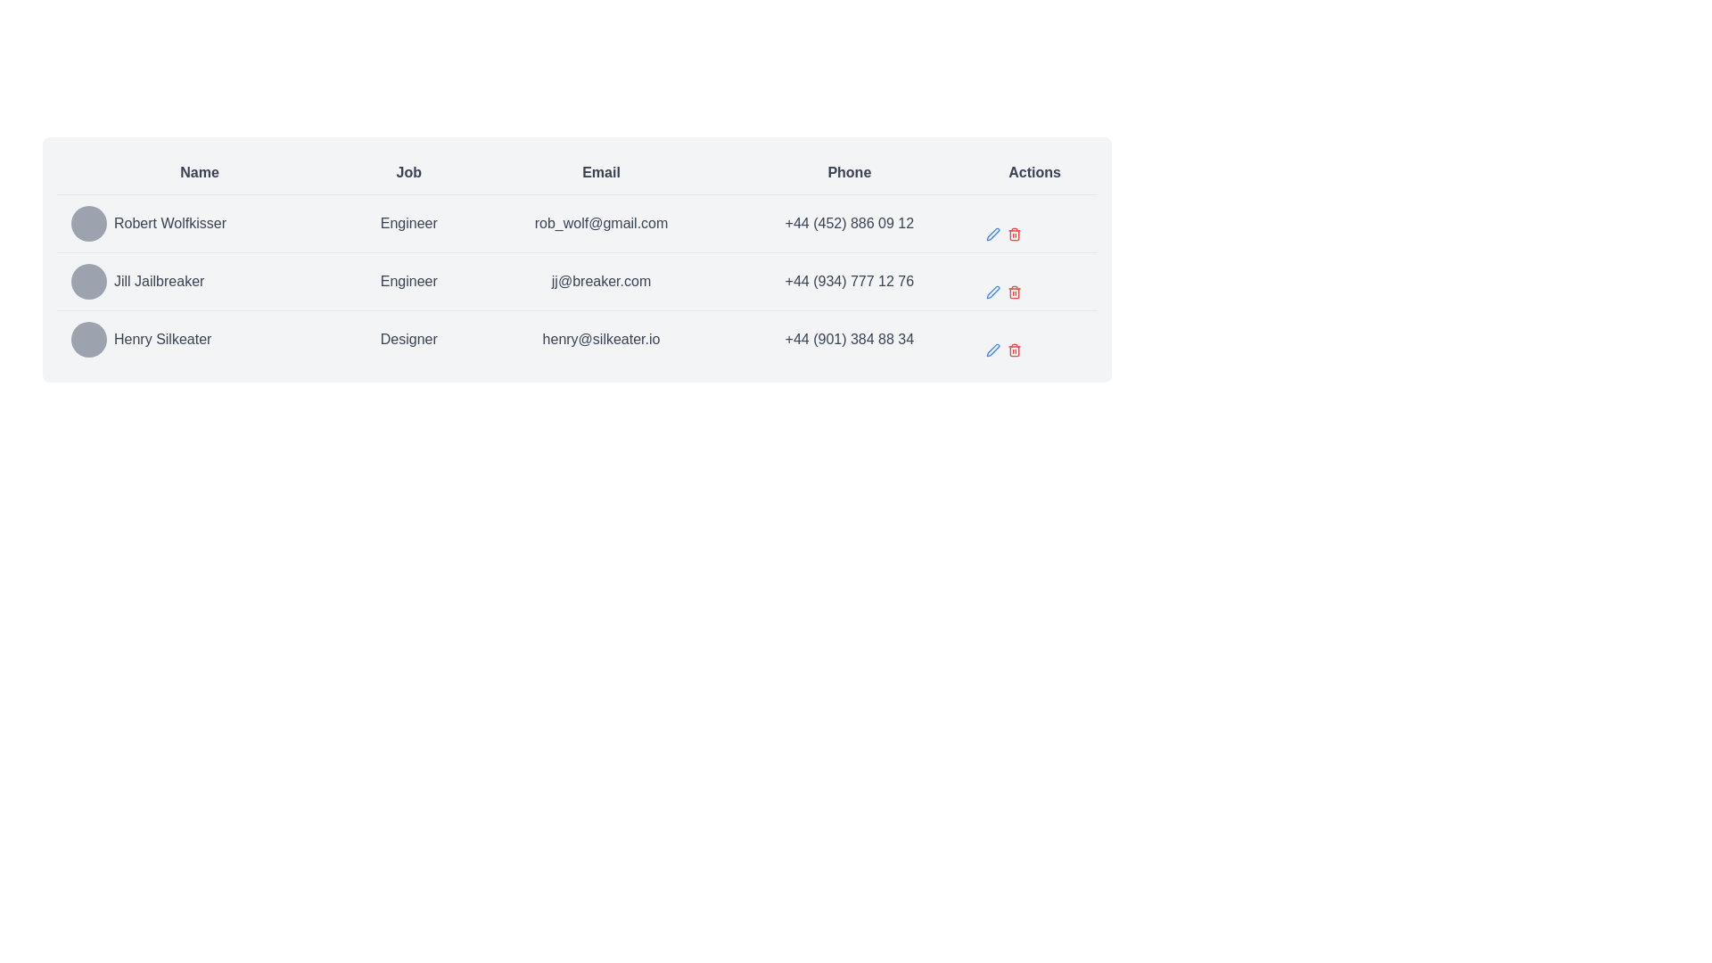 Image resolution: width=1712 pixels, height=963 pixels. I want to click on the static text element displaying the phone number '+44 (901) 384 88 34', so click(848, 339).